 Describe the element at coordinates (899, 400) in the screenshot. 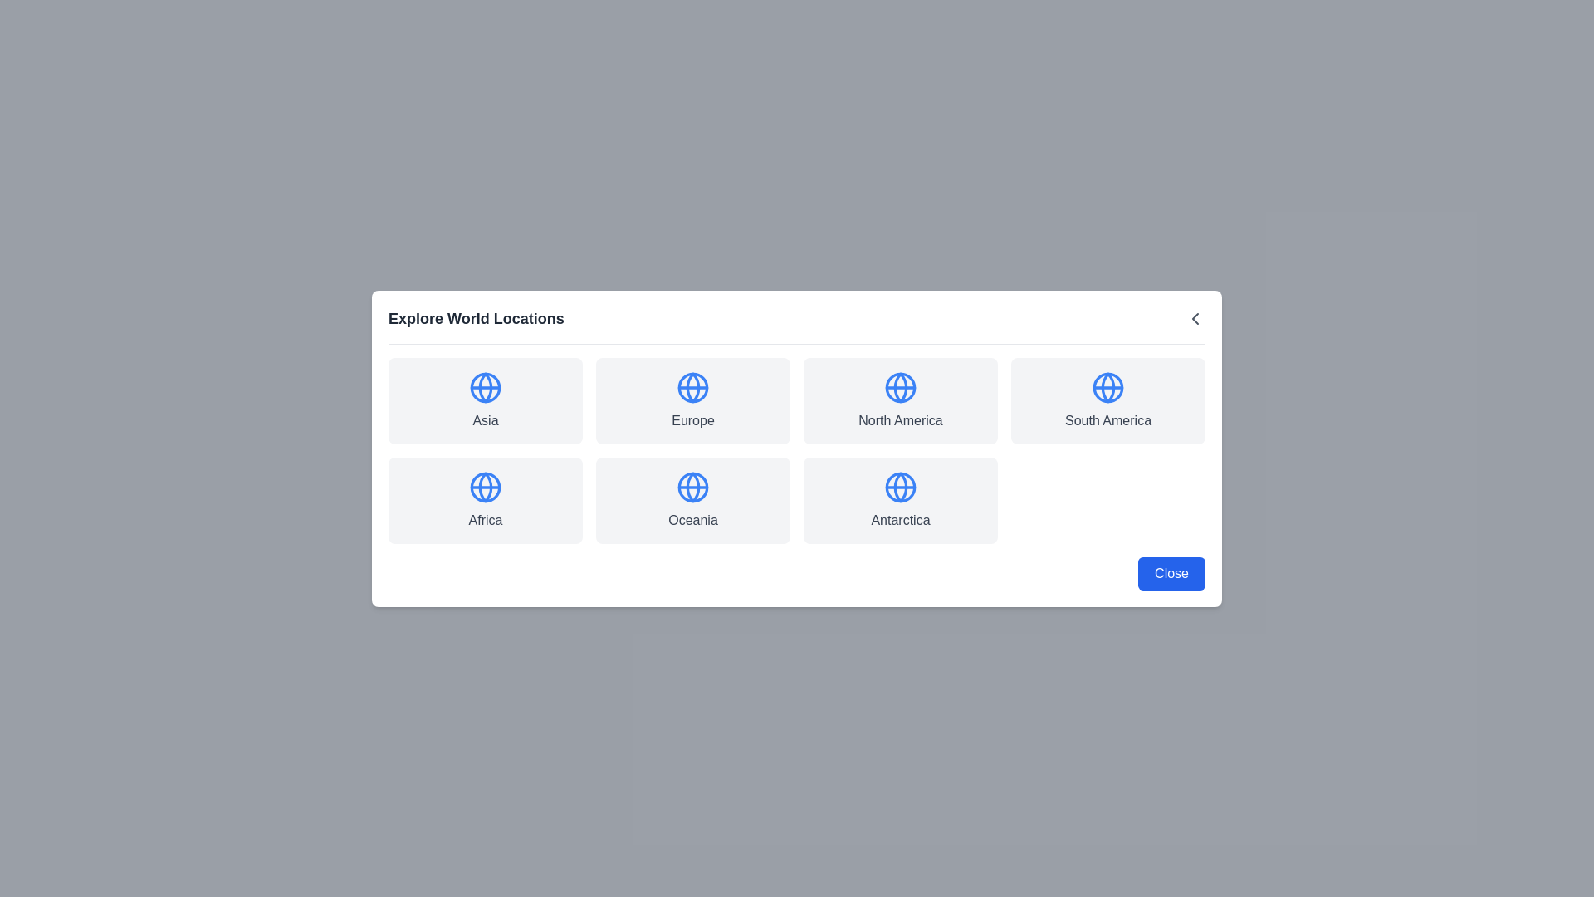

I see `the location North America` at that location.